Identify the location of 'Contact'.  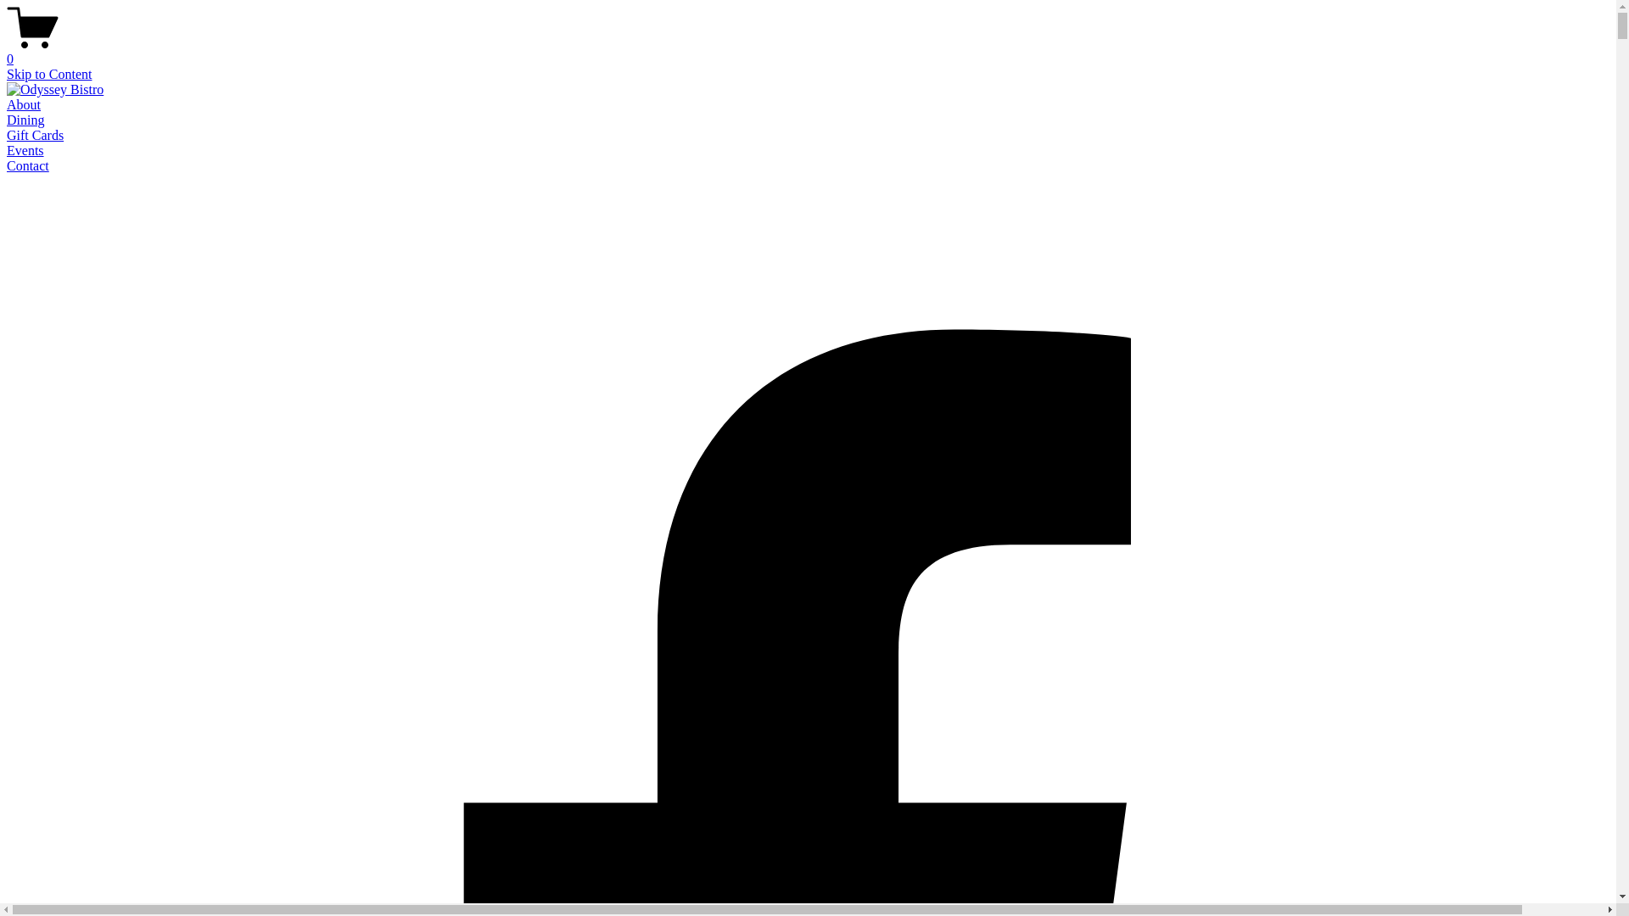
(7, 165).